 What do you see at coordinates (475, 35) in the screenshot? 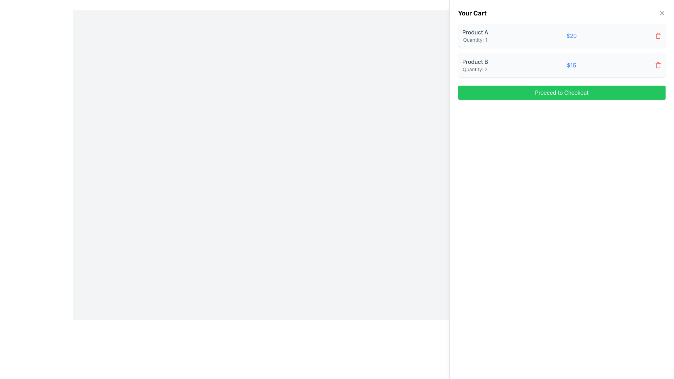
I see `the text label displaying the name and quantity of the first product in the shopping cart, located under 'Your Cart' in the right-hand sidebar` at bounding box center [475, 35].